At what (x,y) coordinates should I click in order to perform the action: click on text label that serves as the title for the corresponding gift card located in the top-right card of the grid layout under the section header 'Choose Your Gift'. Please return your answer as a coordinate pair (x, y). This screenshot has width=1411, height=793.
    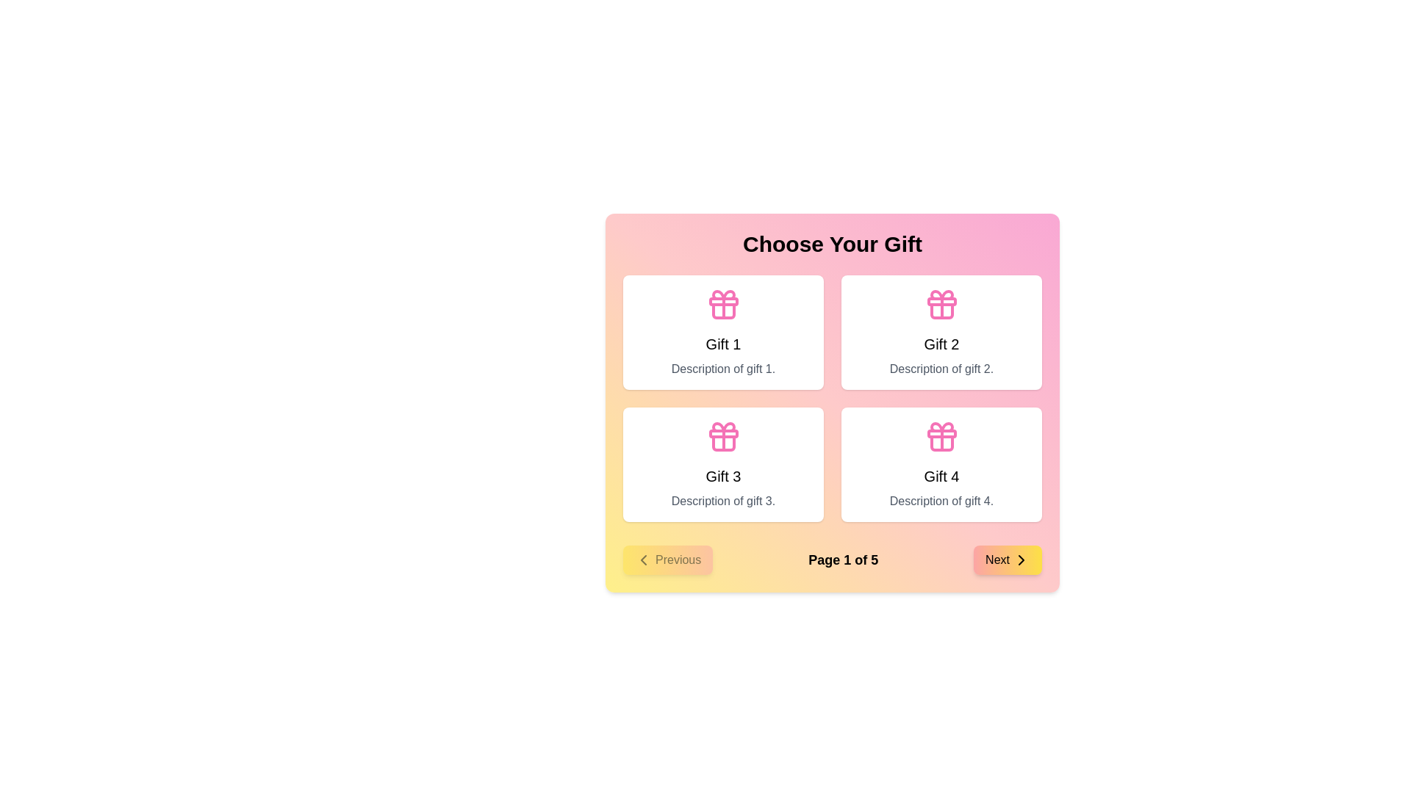
    Looking at the image, I should click on (941, 344).